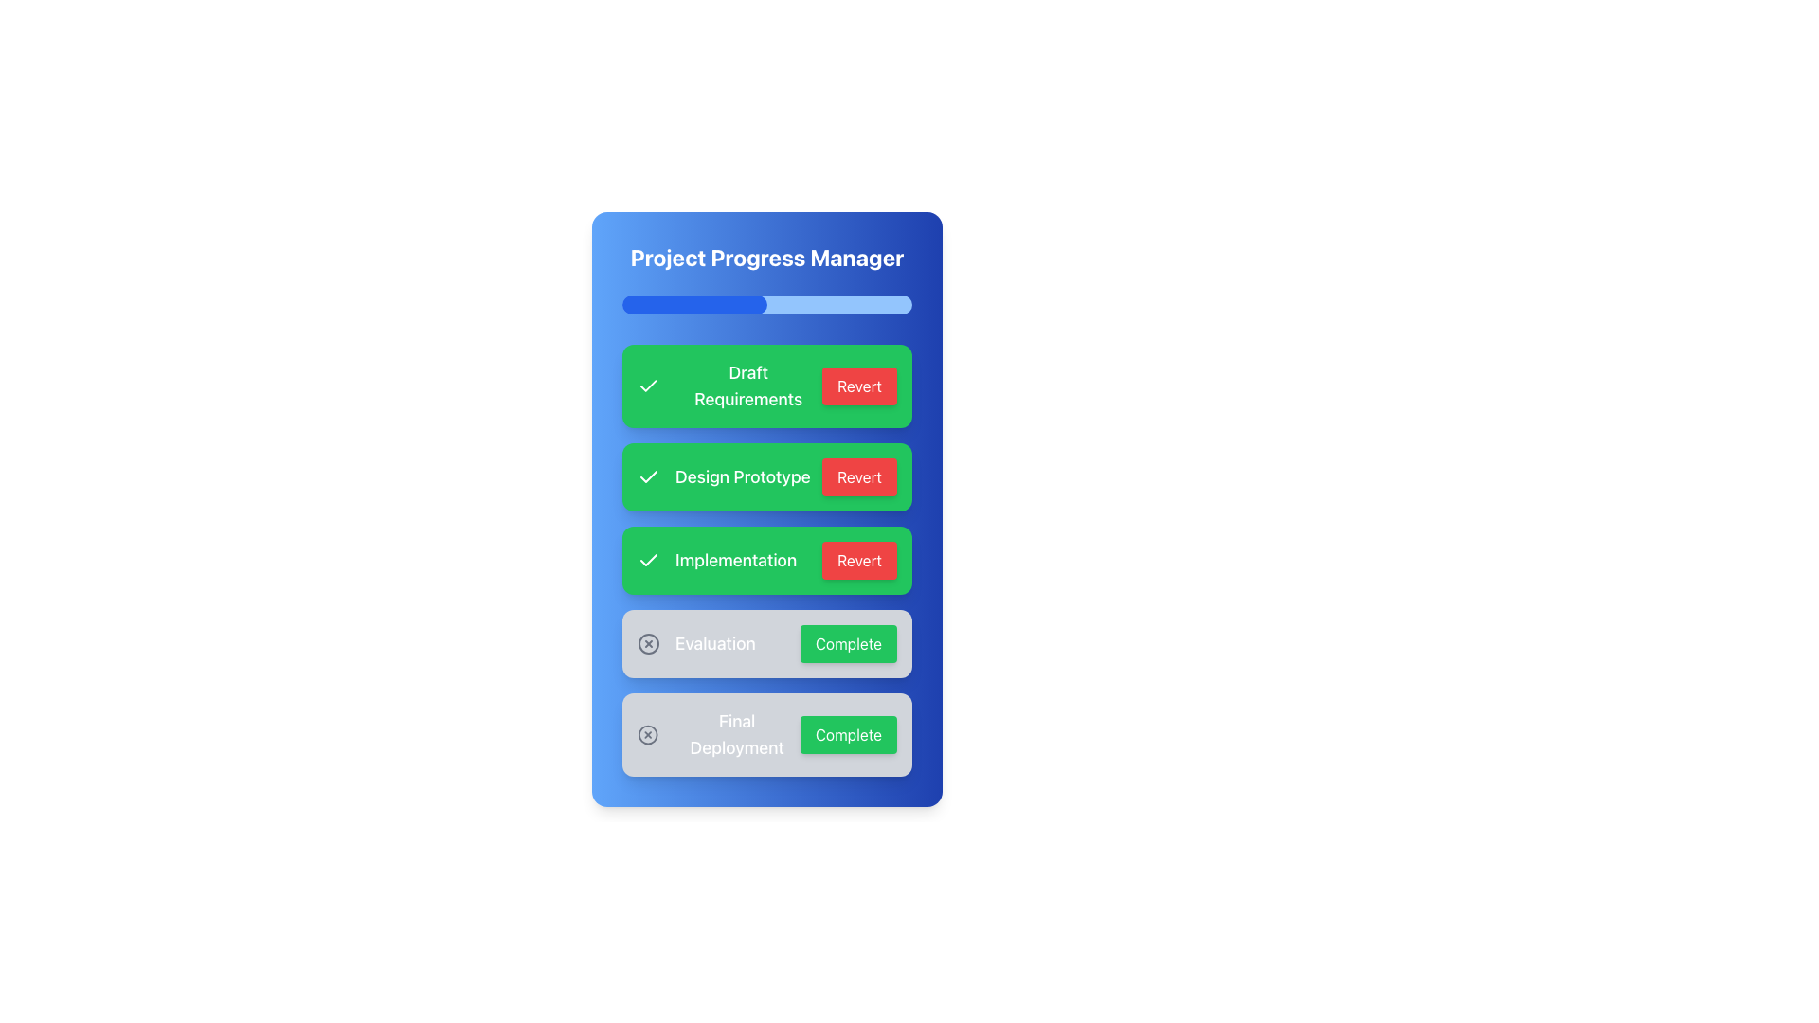  What do you see at coordinates (716, 559) in the screenshot?
I see `the 'Implementation' step element` at bounding box center [716, 559].